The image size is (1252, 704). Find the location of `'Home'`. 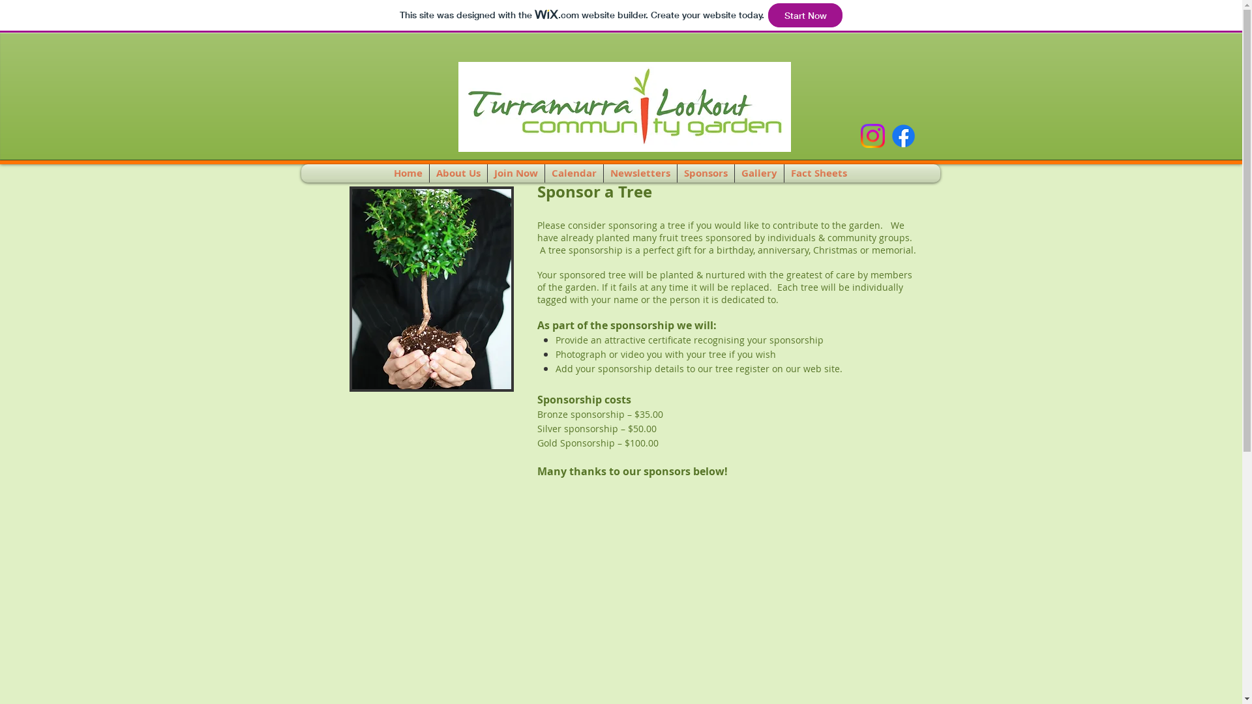

'Home' is located at coordinates (407, 173).